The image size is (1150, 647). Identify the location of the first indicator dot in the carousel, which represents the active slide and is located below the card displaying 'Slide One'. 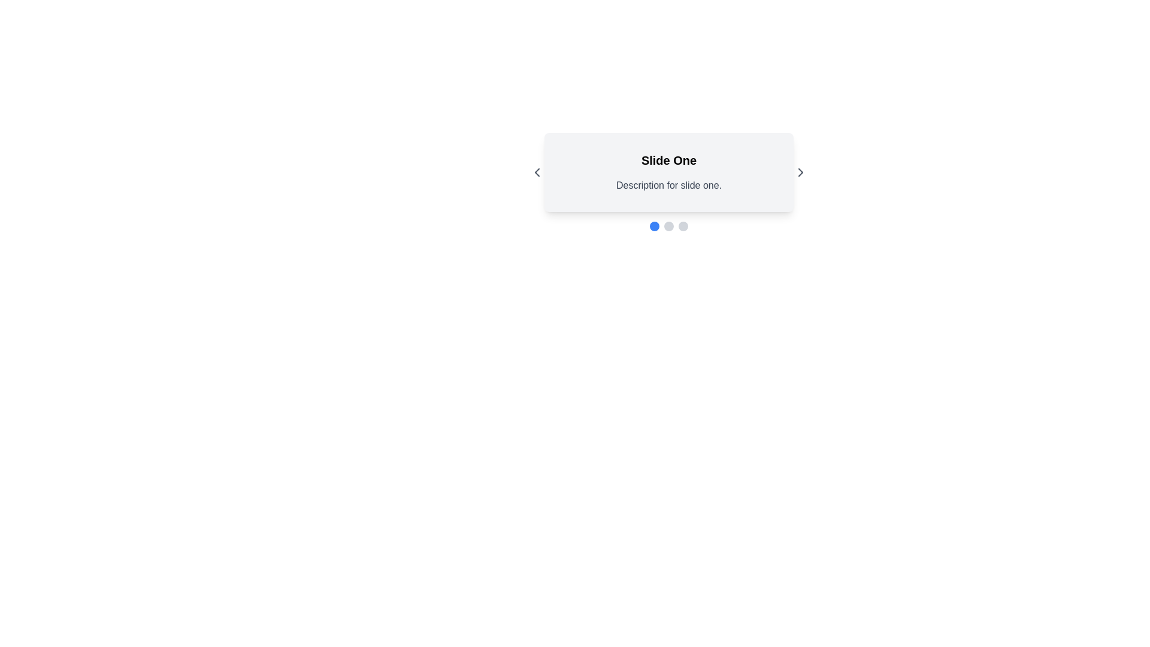
(654, 226).